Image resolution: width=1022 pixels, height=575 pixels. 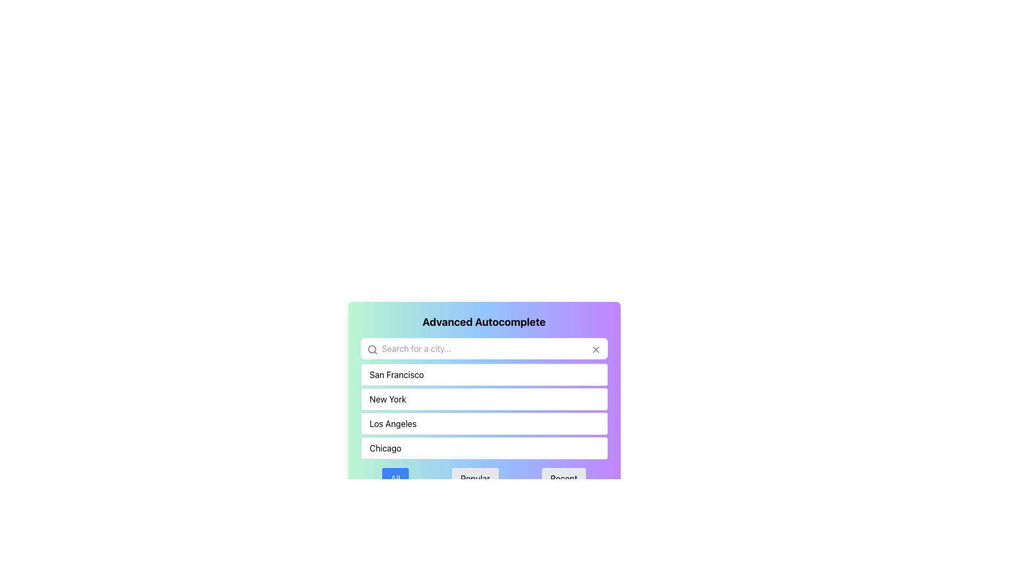 What do you see at coordinates (372, 349) in the screenshot?
I see `the search icon represented by a magnifying glass graphic, styled in gray, located in the top-left corner of the text input field labeled 'Search for a city...'` at bounding box center [372, 349].